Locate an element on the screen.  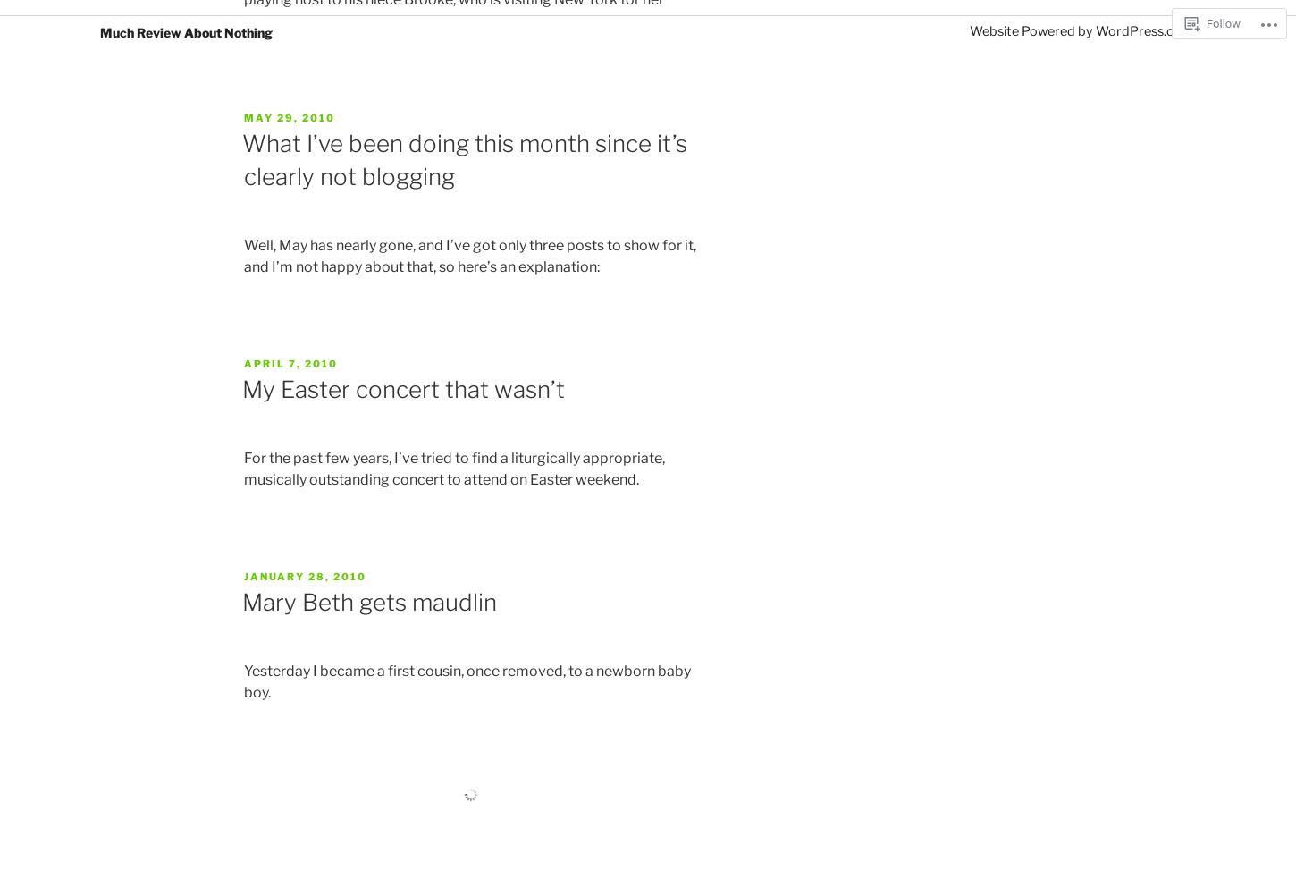
'April 7, 2010' is located at coordinates (290, 362).